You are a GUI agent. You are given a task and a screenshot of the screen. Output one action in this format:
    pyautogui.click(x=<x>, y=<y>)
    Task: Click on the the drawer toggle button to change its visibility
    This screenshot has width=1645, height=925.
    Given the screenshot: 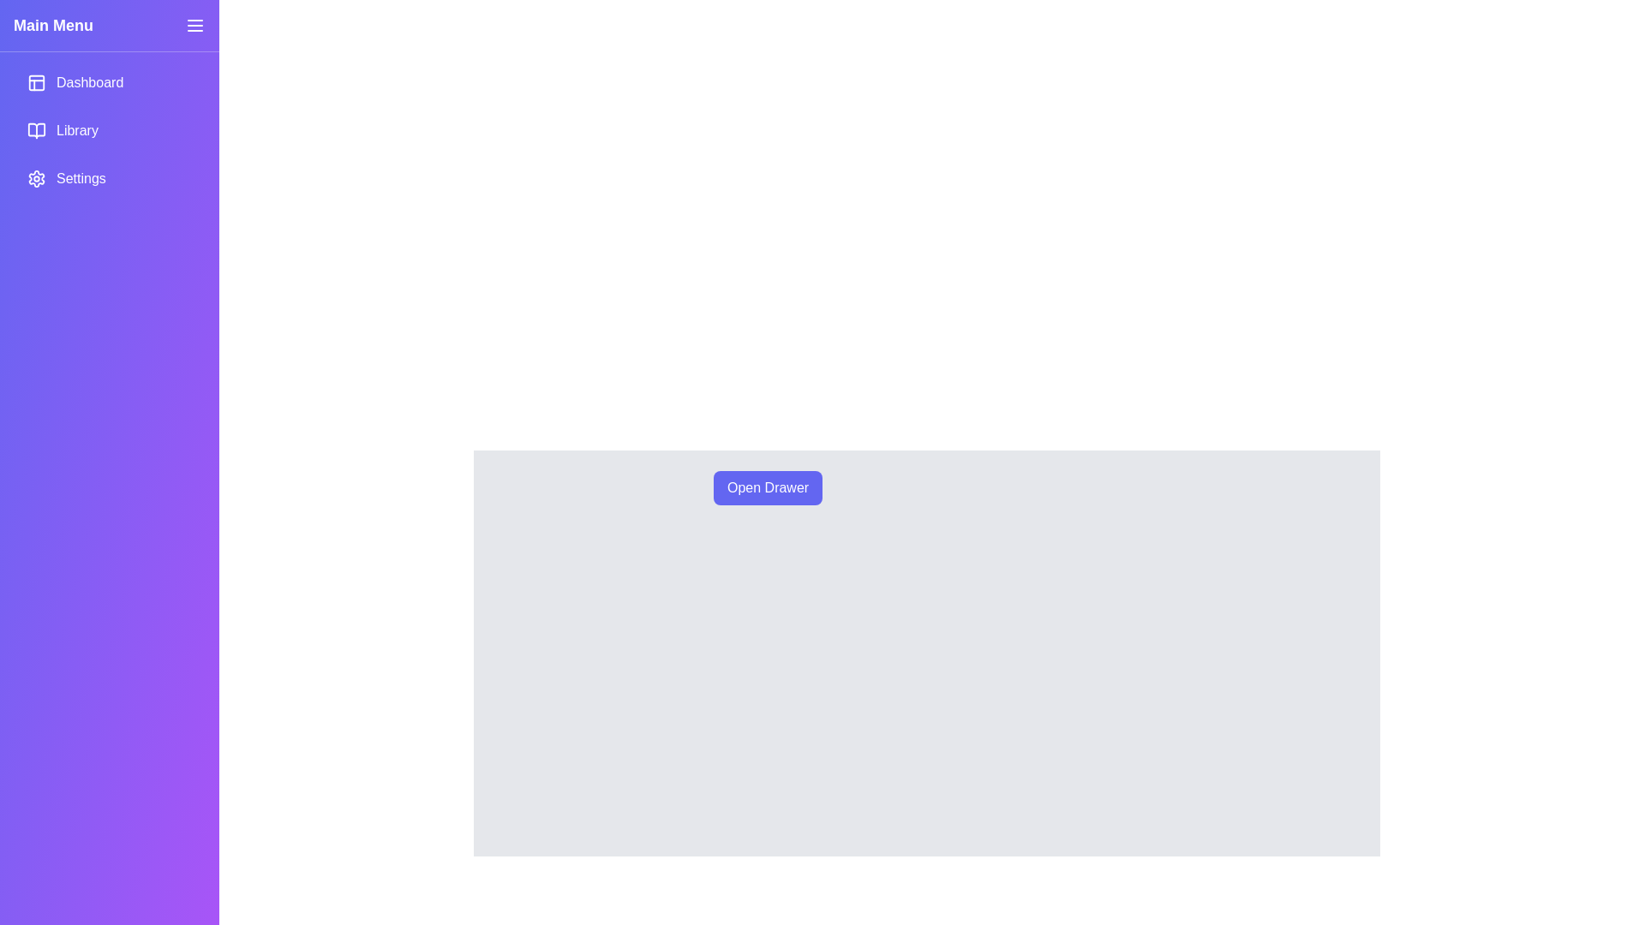 What is the action you would take?
    pyautogui.click(x=194, y=26)
    